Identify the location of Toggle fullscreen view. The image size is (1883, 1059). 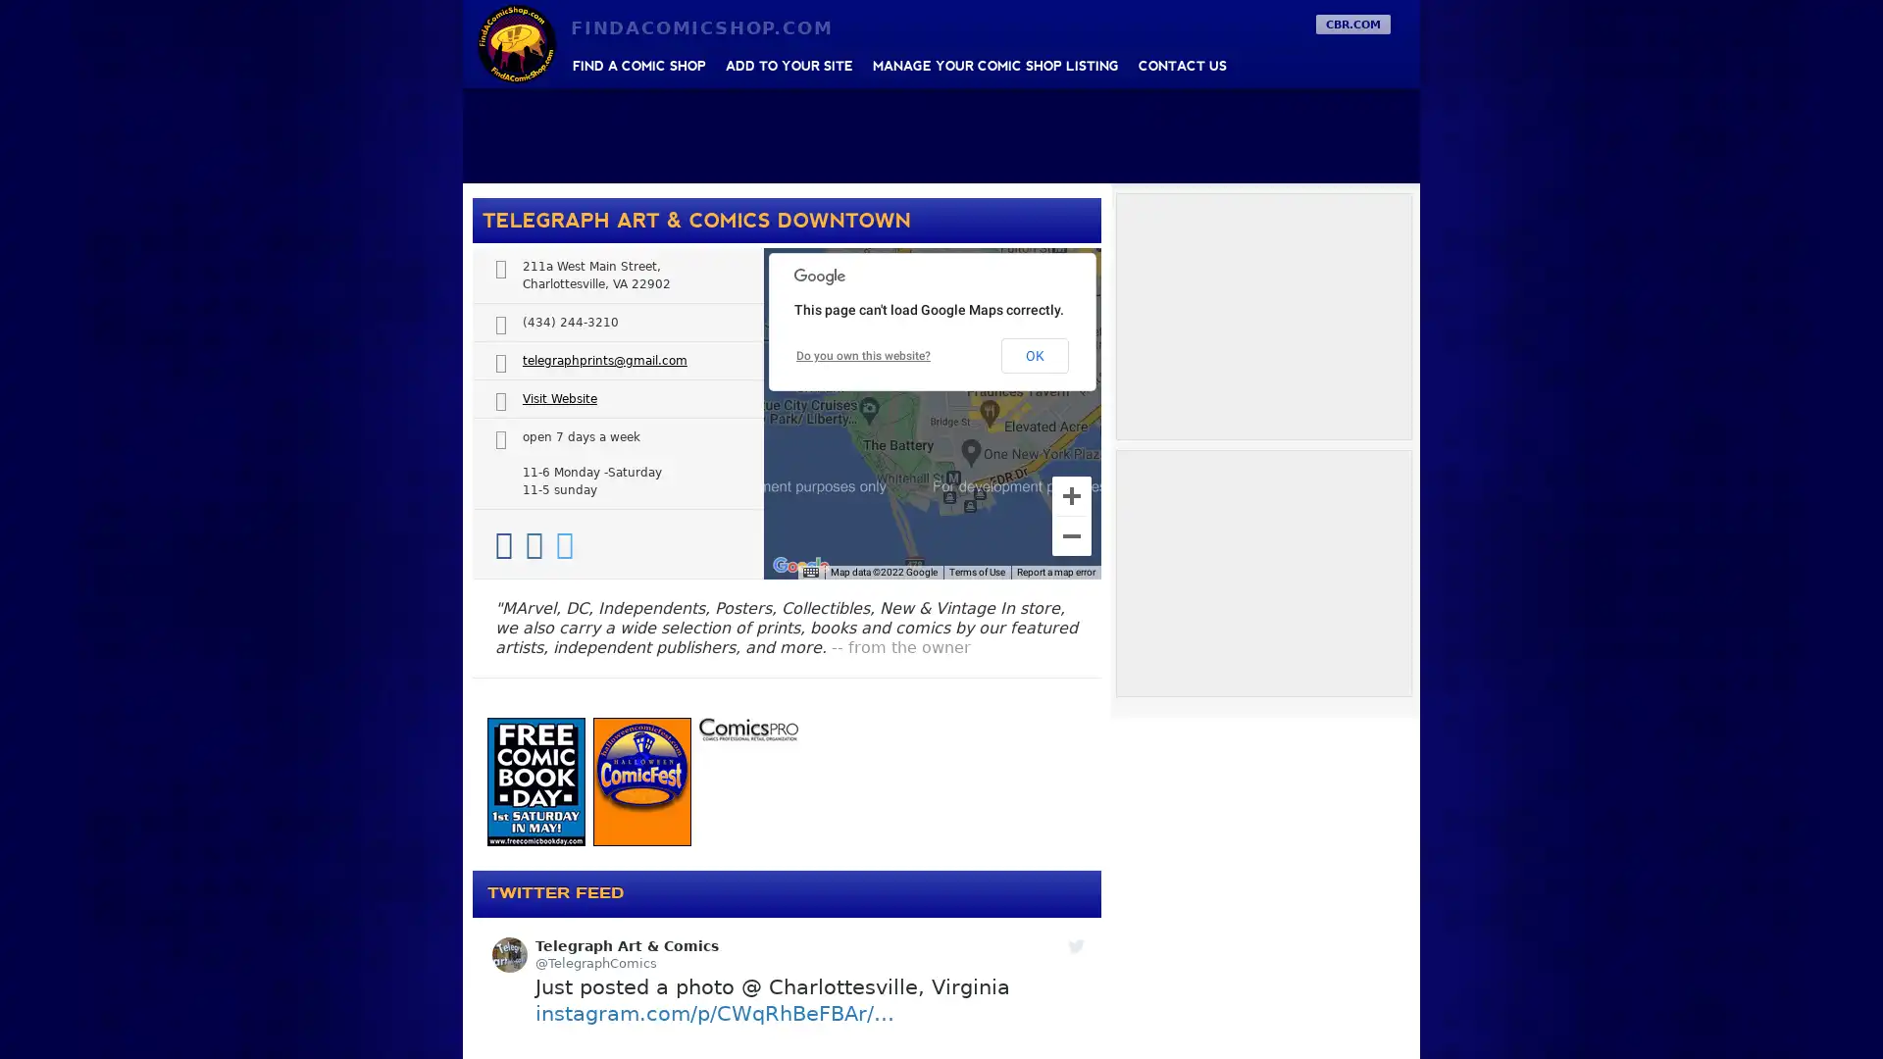
(1071, 277).